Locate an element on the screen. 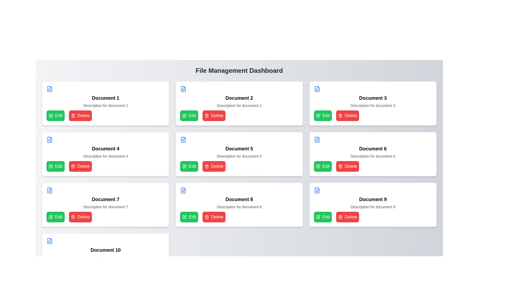  the file icon located at the top-left corner inside the card labeled 'Document 3' is located at coordinates (317, 89).